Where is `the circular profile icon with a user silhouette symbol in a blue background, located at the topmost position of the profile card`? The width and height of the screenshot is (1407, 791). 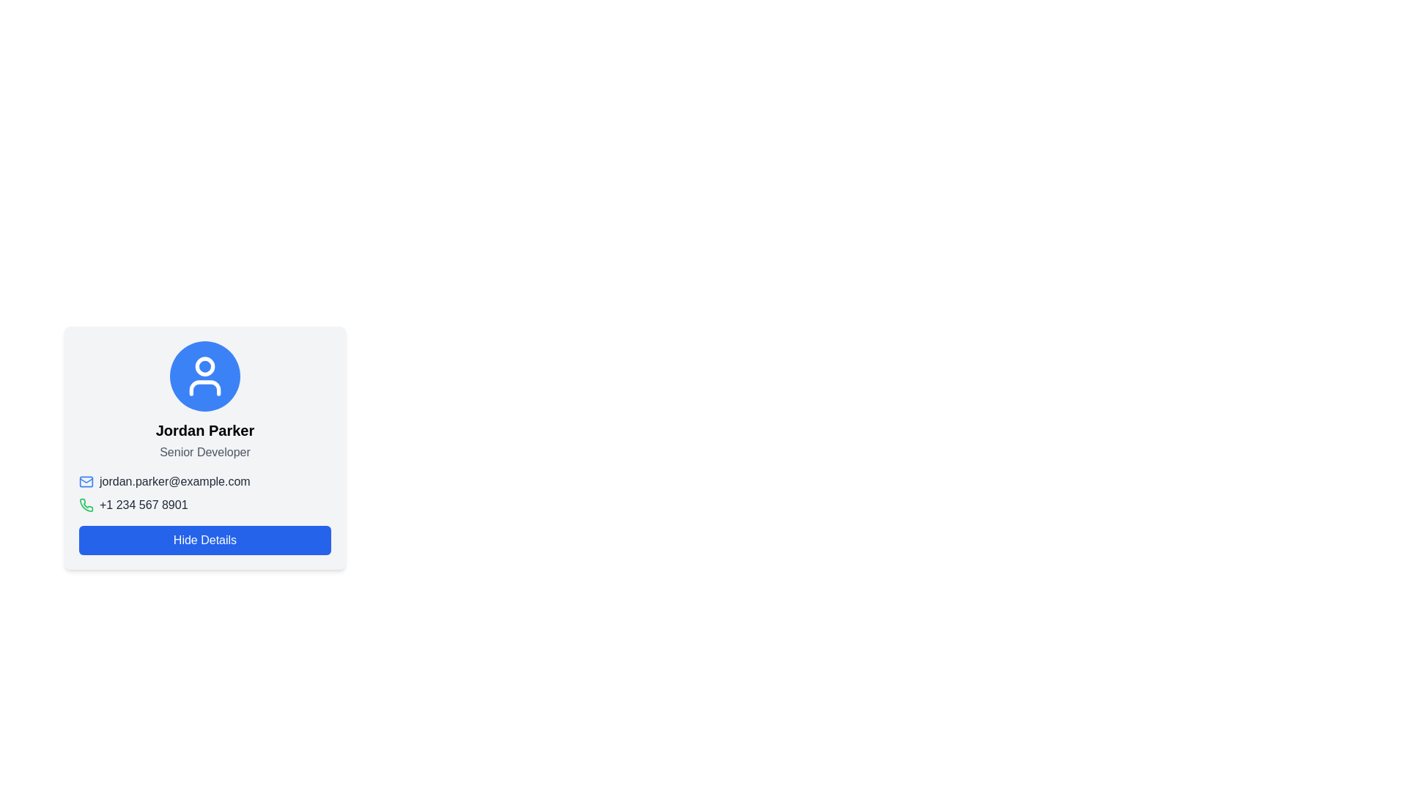 the circular profile icon with a user silhouette symbol in a blue background, located at the topmost position of the profile card is located at coordinates (204, 375).